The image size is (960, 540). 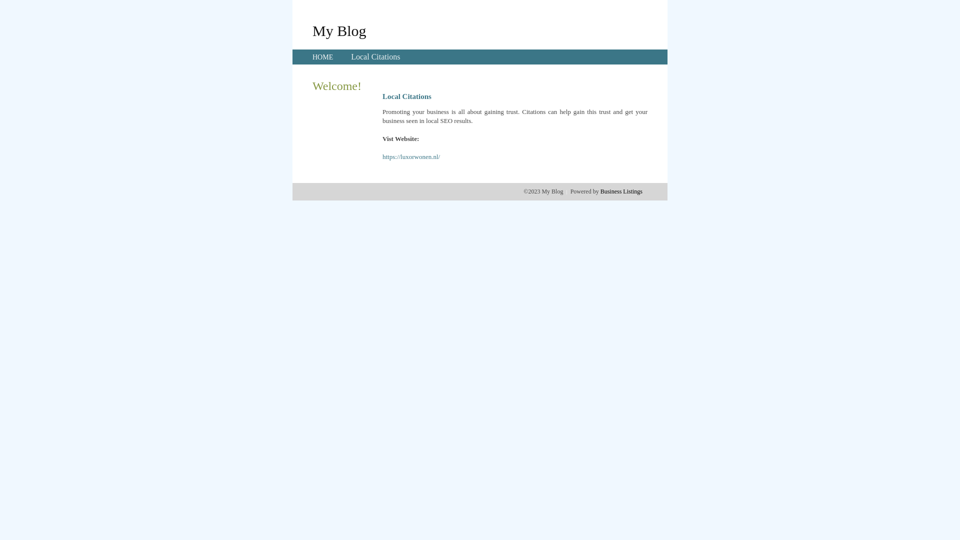 I want to click on 'My Blog', so click(x=339, y=30).